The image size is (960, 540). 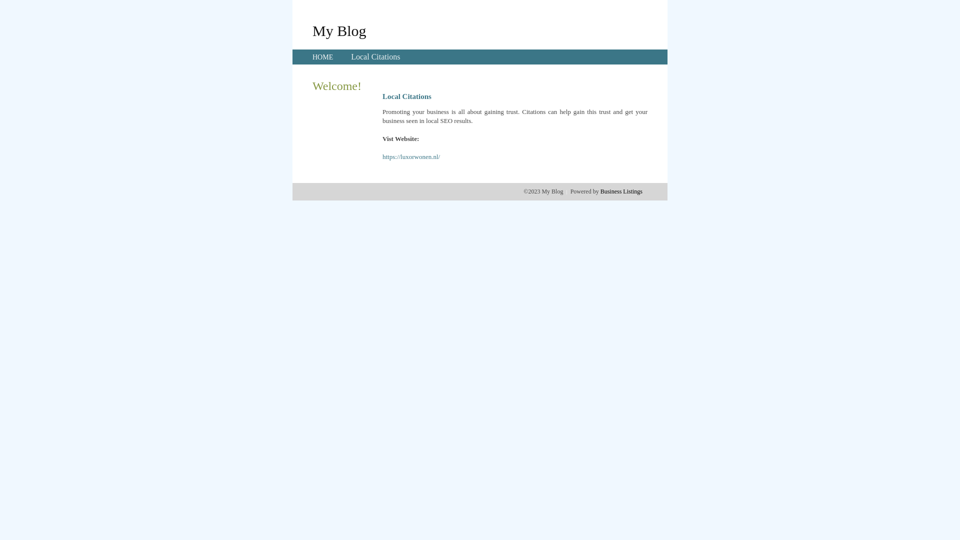 I want to click on 'My Blog', so click(x=339, y=30).